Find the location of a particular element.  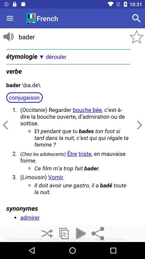

the share icon is located at coordinates (97, 233).